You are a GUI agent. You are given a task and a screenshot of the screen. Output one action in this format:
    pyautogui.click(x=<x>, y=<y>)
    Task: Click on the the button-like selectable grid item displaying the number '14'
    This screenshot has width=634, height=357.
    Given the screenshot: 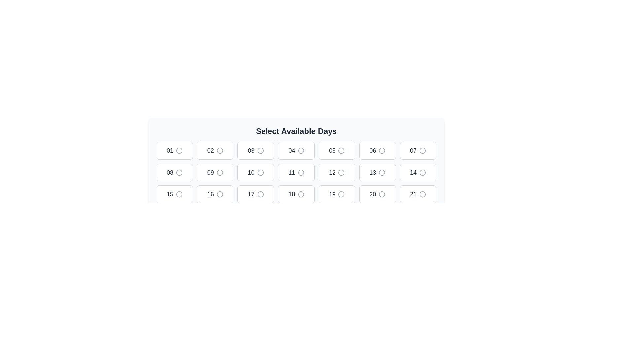 What is the action you would take?
    pyautogui.click(x=418, y=172)
    